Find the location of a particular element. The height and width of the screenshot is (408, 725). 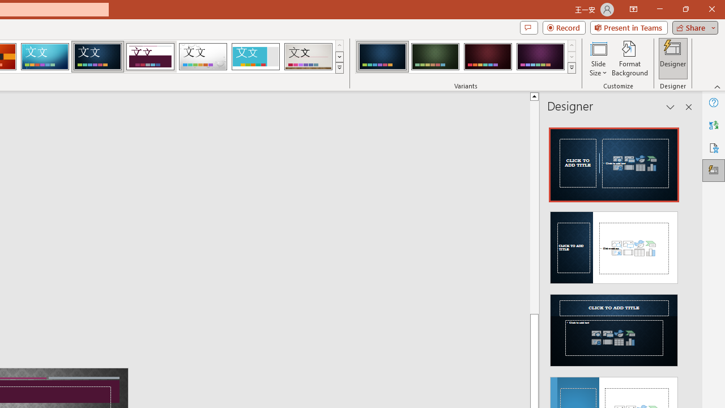

'Format Background' is located at coordinates (629, 58).